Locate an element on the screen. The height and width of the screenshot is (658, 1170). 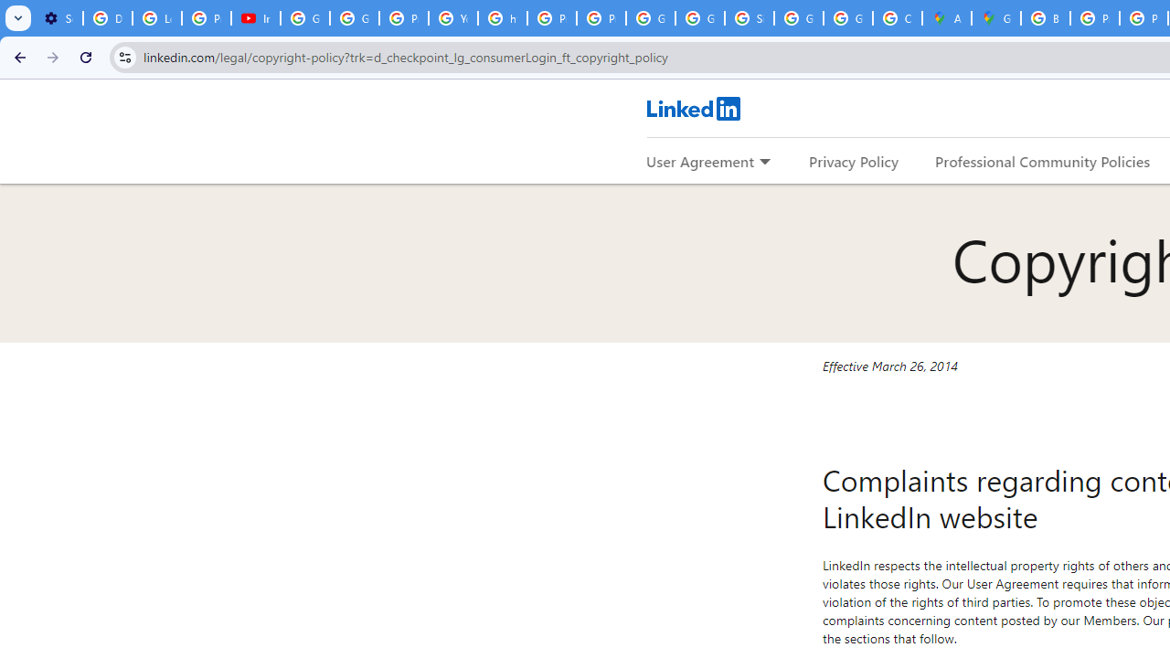
'Privacy Help Center - Policies Help' is located at coordinates (1095, 18).